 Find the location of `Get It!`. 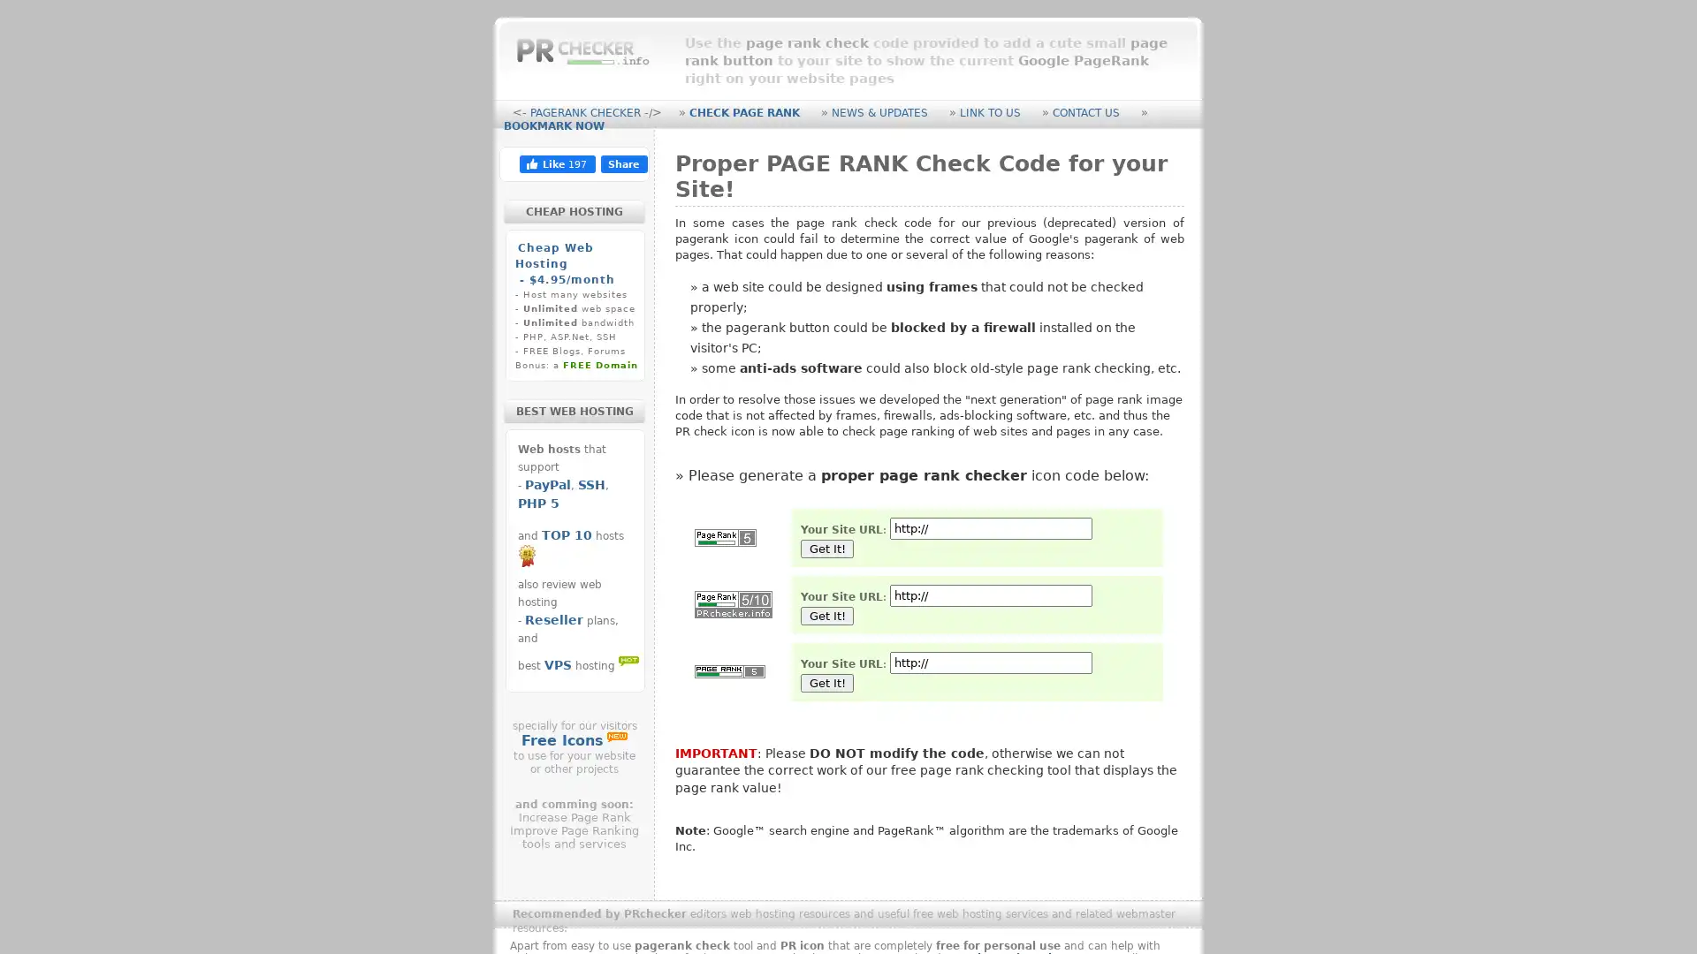

Get It! is located at coordinates (826, 547).